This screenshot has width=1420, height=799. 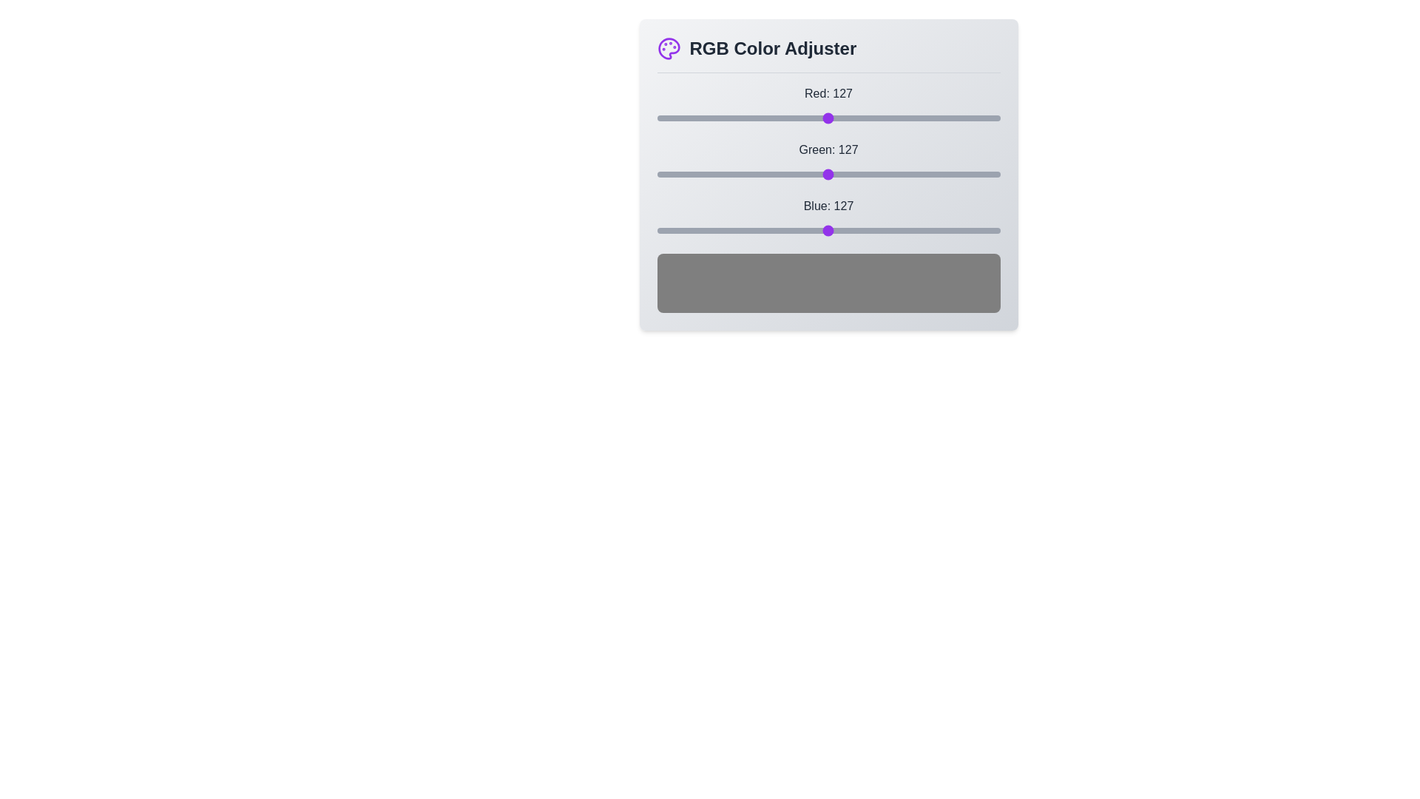 I want to click on the green slider to set the green value to 40, so click(x=711, y=173).